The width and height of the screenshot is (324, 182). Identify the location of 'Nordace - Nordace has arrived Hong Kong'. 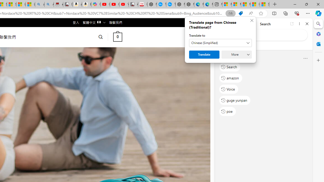
(189, 4).